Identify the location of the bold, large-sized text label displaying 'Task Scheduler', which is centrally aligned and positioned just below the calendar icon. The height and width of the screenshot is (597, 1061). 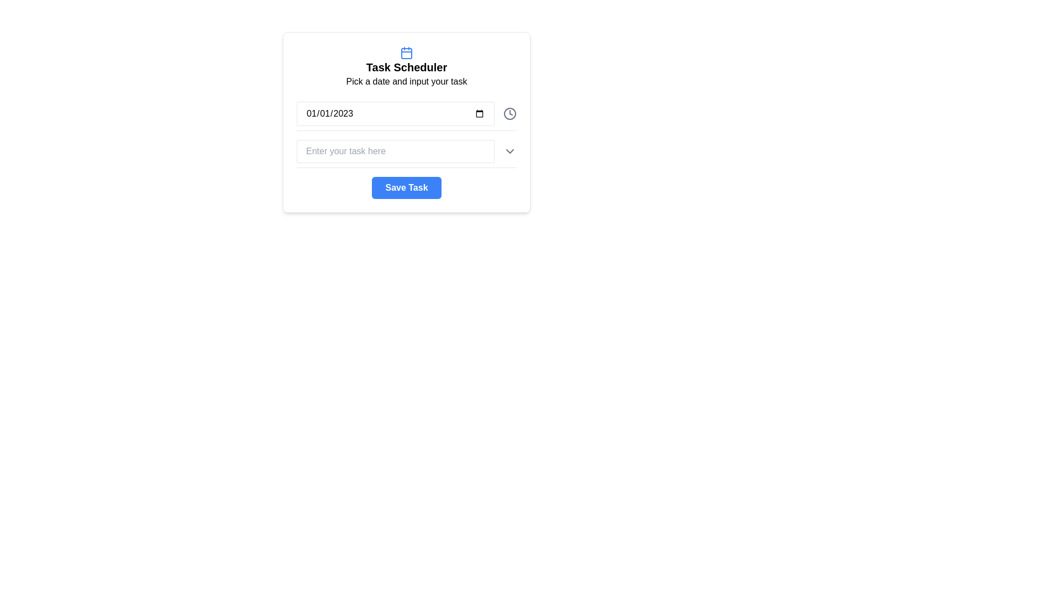
(406, 66).